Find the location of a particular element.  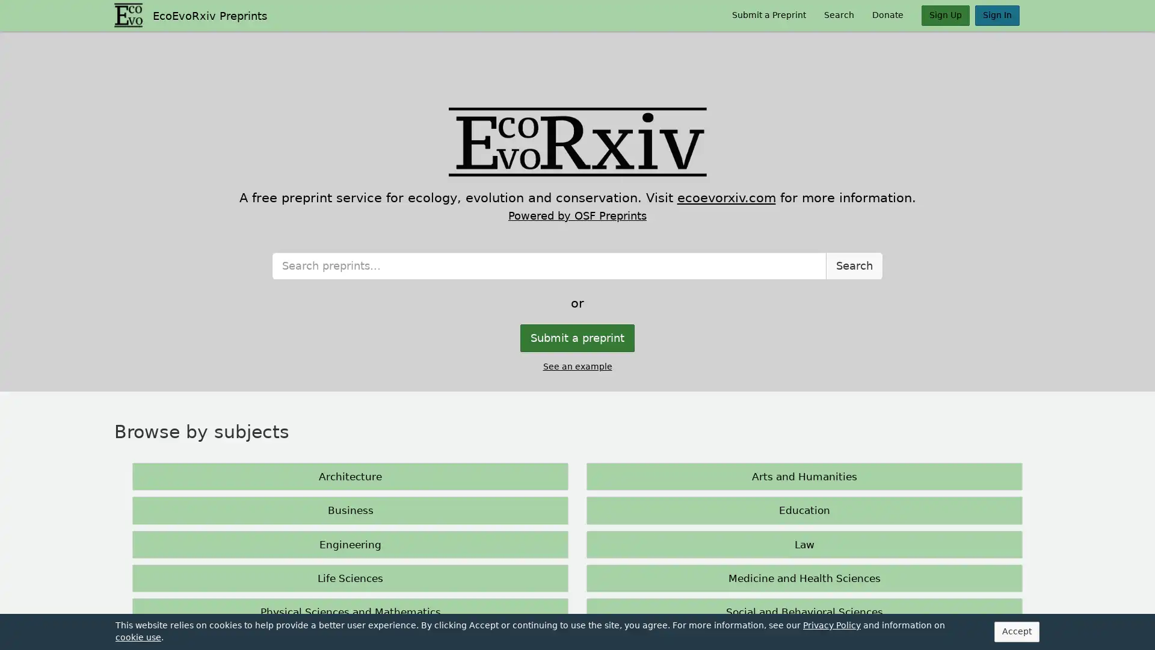

Sign In is located at coordinates (999, 15).